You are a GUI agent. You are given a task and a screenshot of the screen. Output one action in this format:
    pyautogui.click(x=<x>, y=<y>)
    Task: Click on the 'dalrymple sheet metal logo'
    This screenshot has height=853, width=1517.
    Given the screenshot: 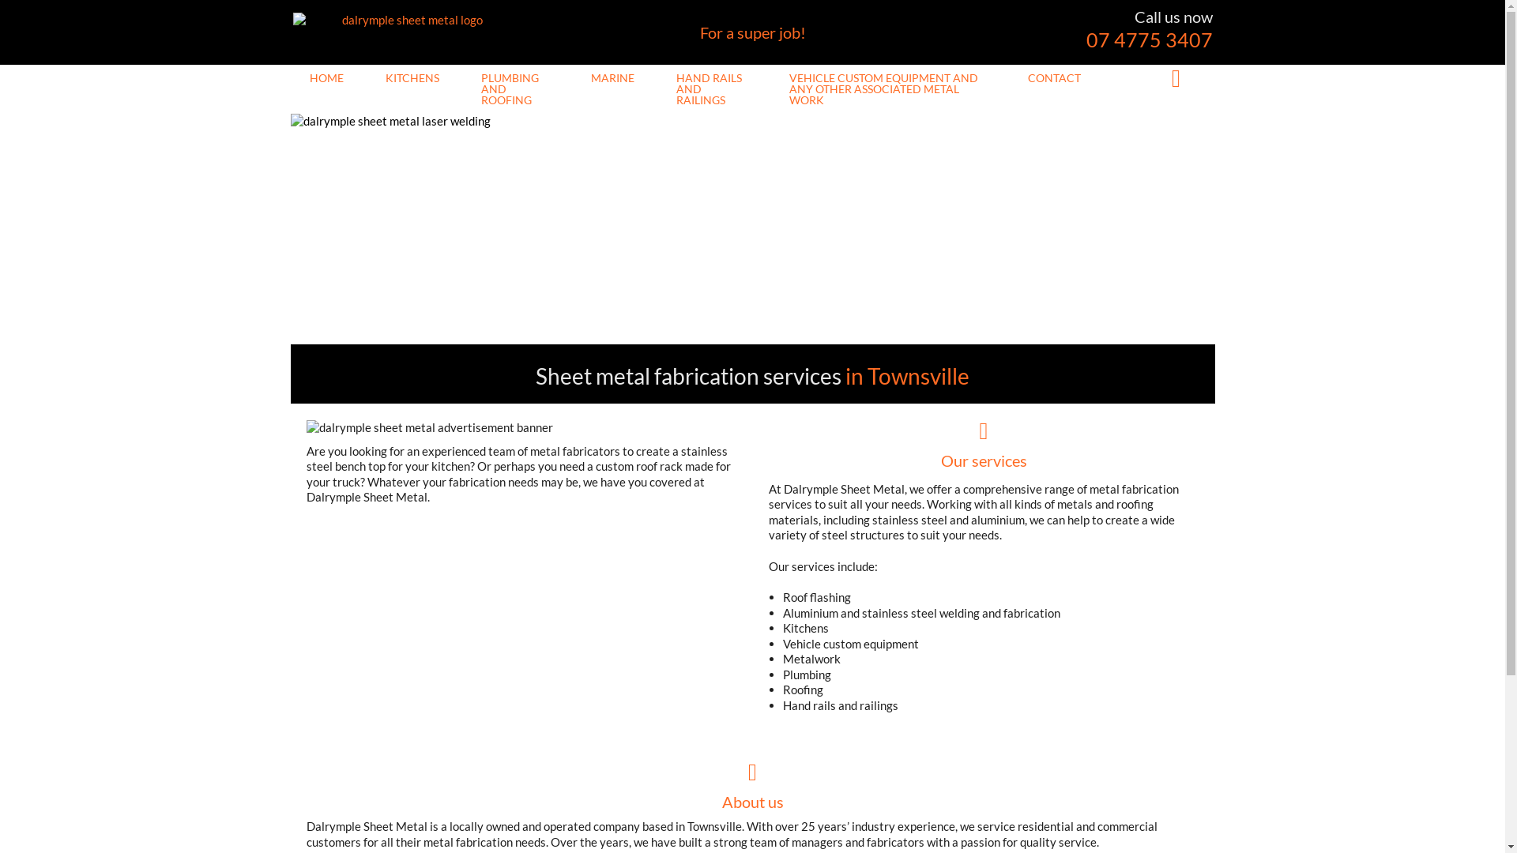 What is the action you would take?
    pyautogui.click(x=405, y=21)
    